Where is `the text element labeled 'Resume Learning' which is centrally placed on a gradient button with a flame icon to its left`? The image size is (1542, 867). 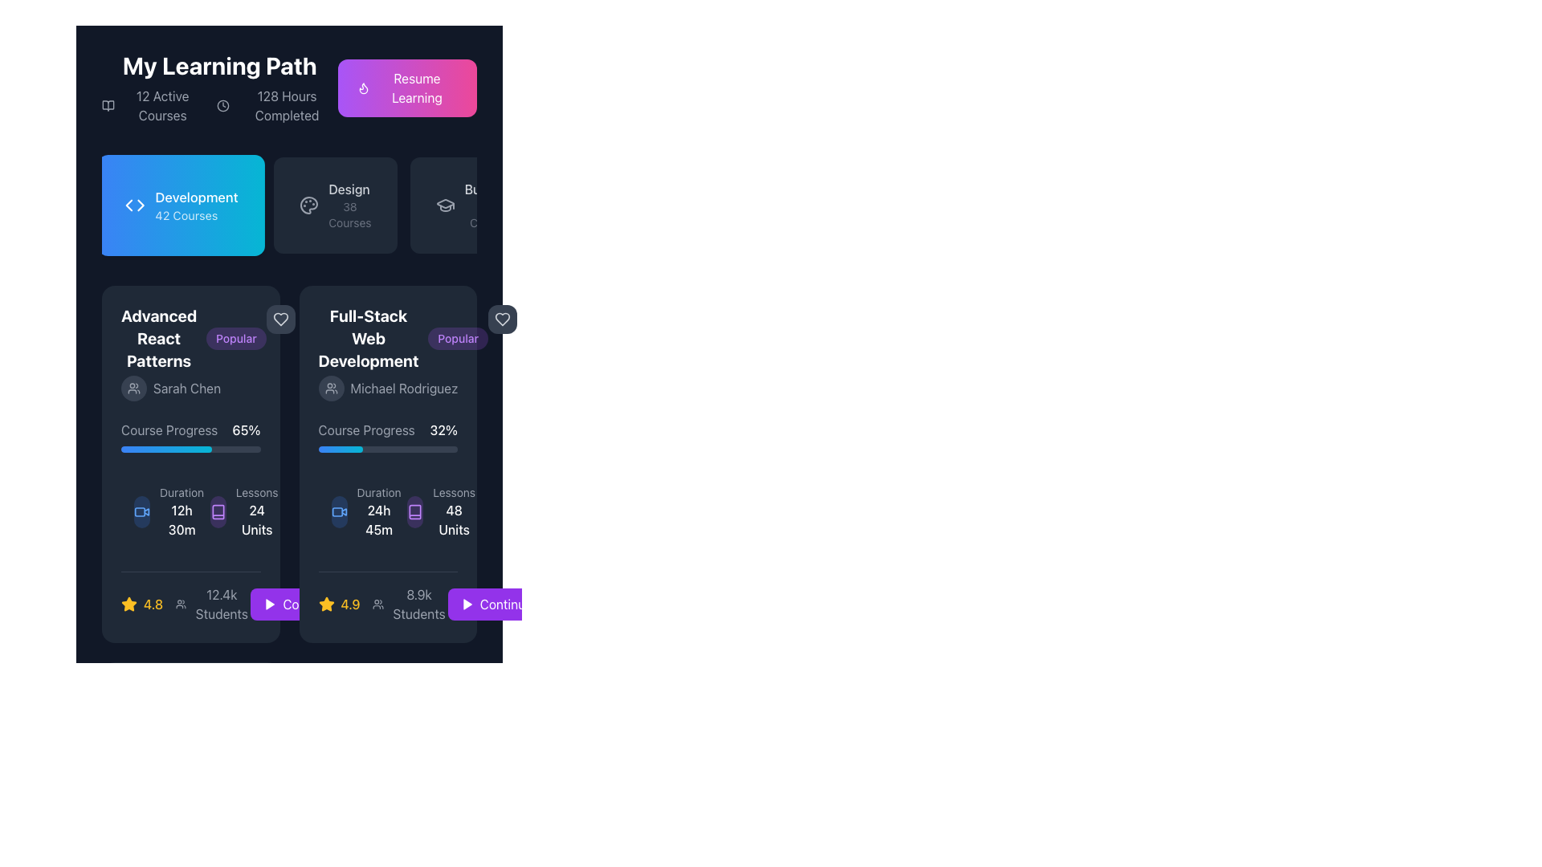 the text element labeled 'Resume Learning' which is centrally placed on a gradient button with a flame icon to its left is located at coordinates (417, 88).